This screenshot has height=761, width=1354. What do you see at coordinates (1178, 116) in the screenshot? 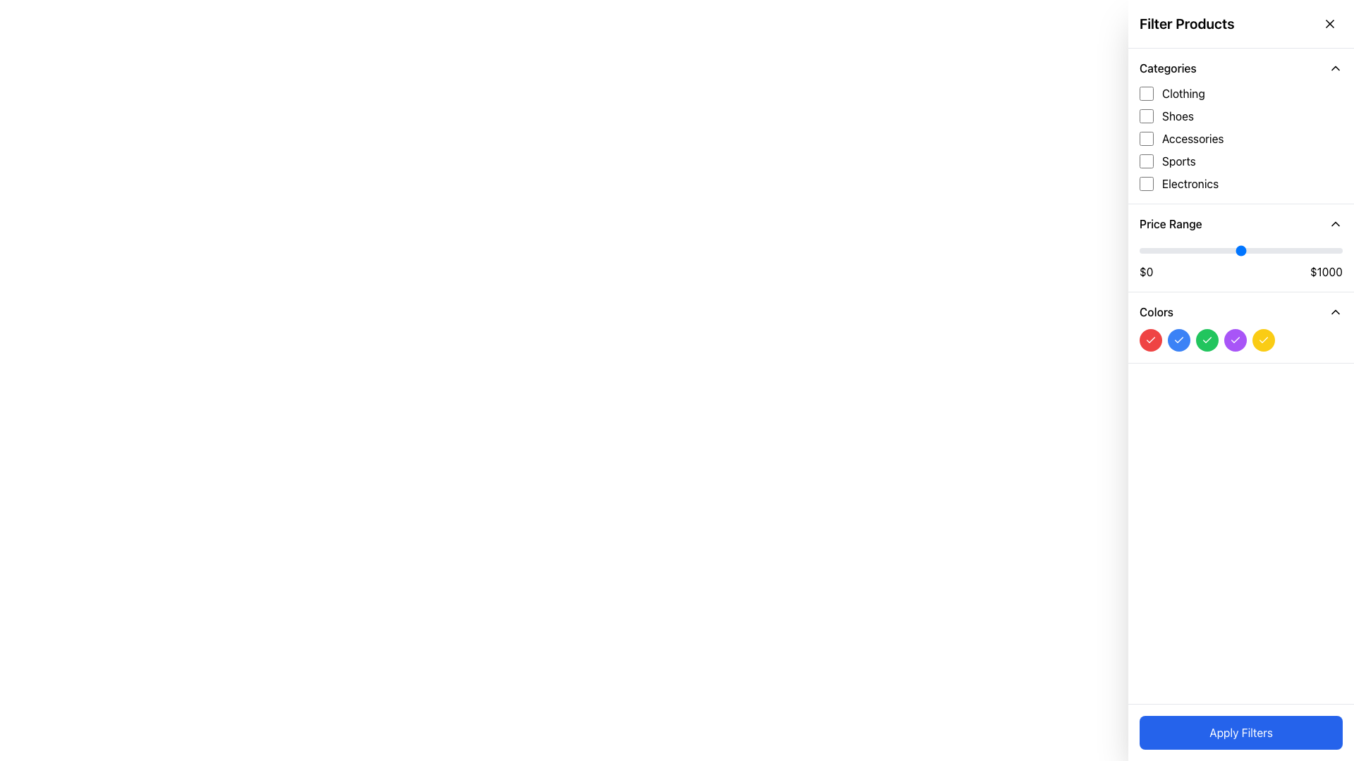
I see `the 'Shoes' category label in the 'Categories' section` at bounding box center [1178, 116].